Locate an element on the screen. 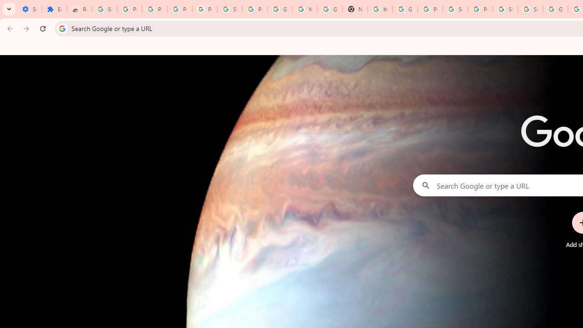 This screenshot has width=583, height=328. 'Google Account' is located at coordinates (280, 9).